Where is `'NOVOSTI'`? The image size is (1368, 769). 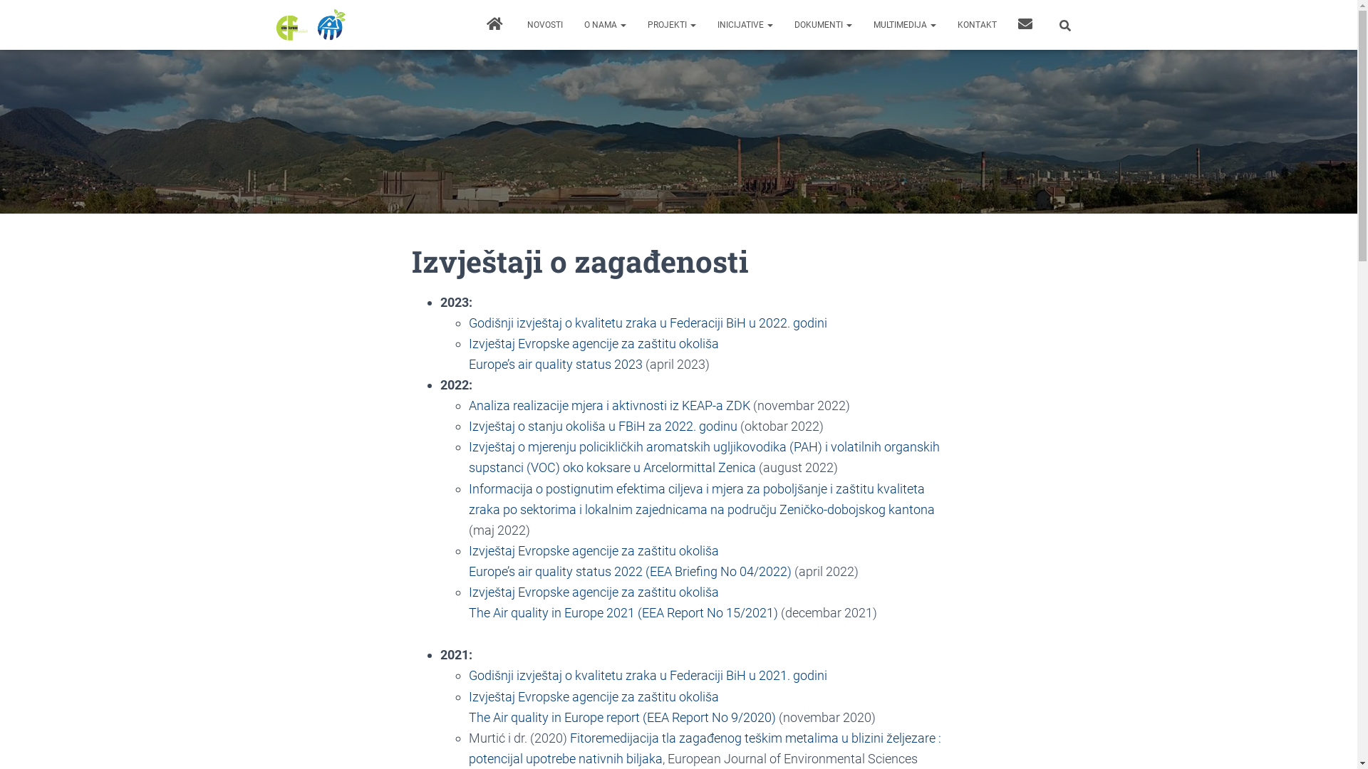 'NOVOSTI' is located at coordinates (515, 24).